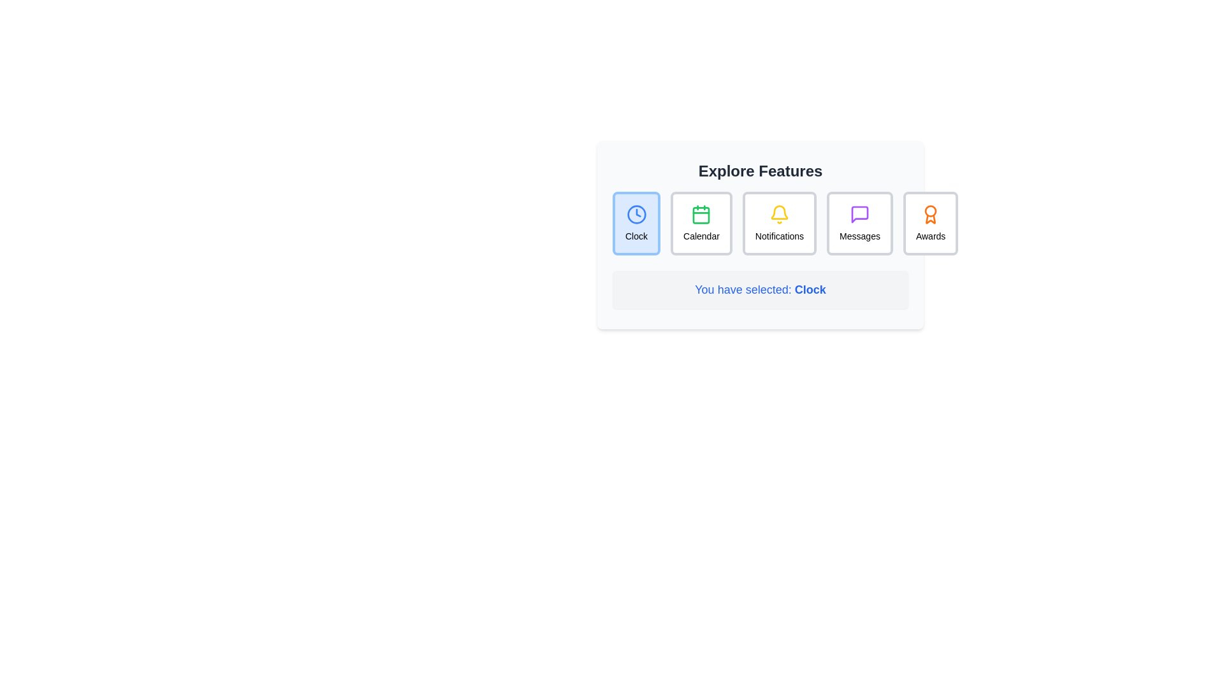 This screenshot has height=688, width=1224. I want to click on the 'Messages' button using keyboard navigation, so click(859, 223).